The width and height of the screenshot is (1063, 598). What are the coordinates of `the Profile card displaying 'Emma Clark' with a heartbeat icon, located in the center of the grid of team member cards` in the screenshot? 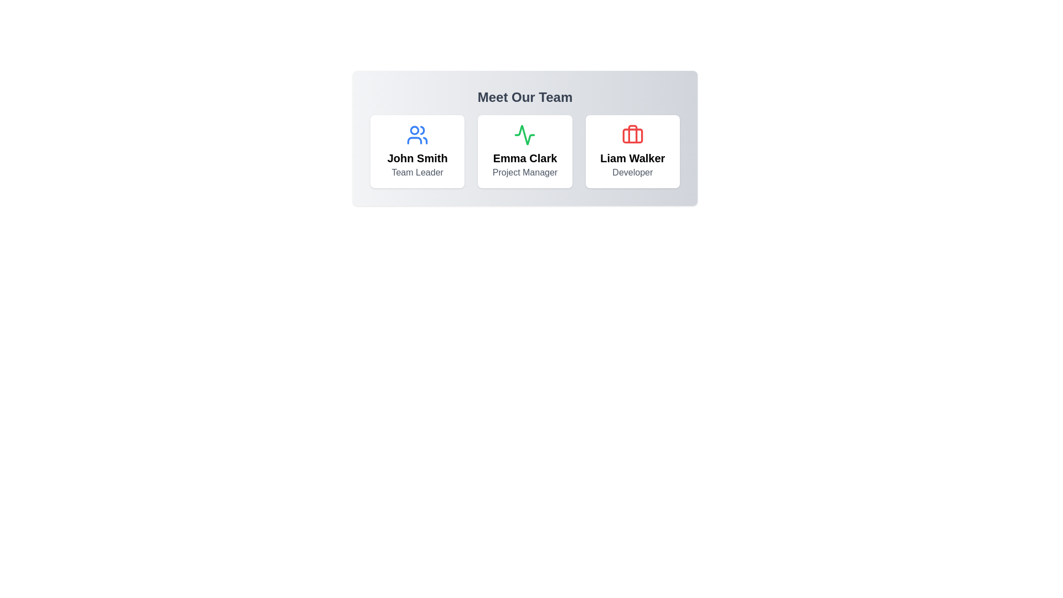 It's located at (524, 151).